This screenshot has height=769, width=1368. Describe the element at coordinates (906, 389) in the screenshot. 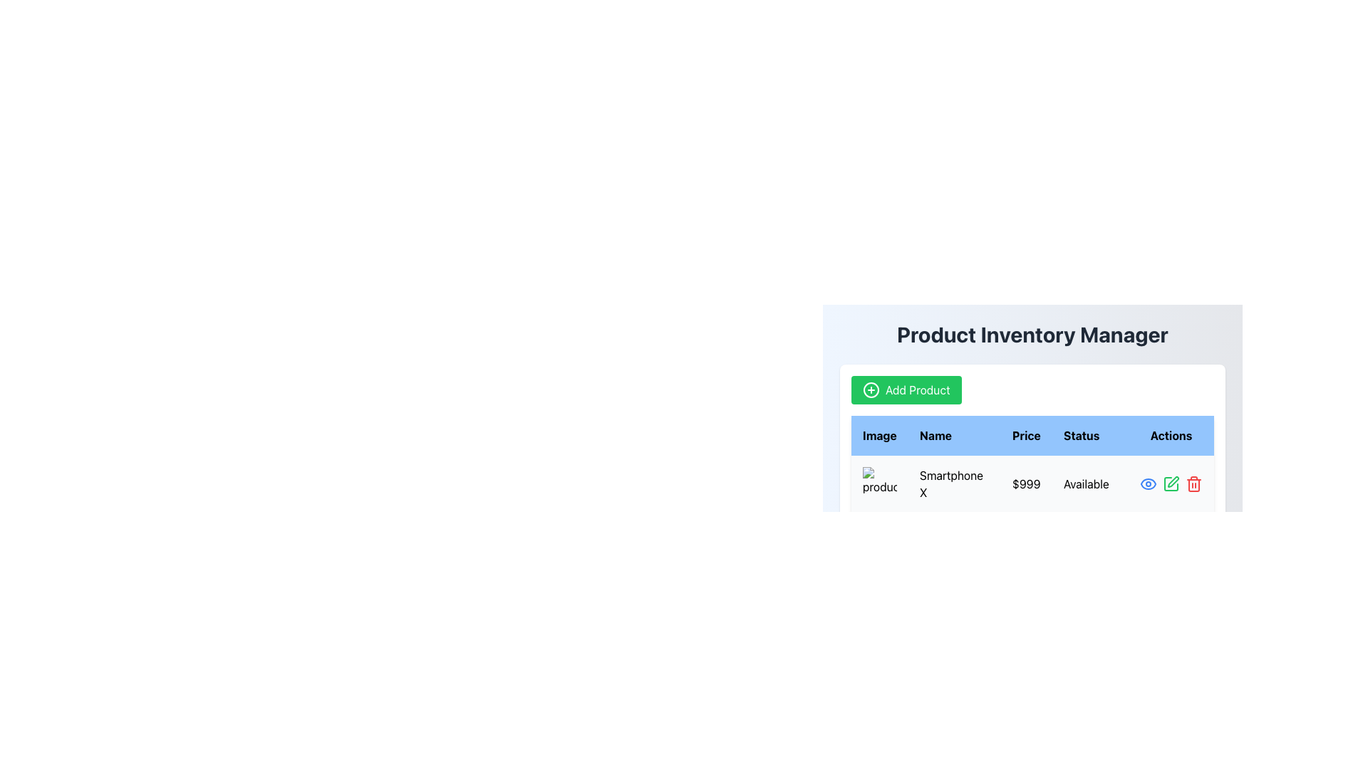

I see `the 'Add New Product' button located at the top left of the 'Product Inventory Manager' section to initiate product addition` at that location.